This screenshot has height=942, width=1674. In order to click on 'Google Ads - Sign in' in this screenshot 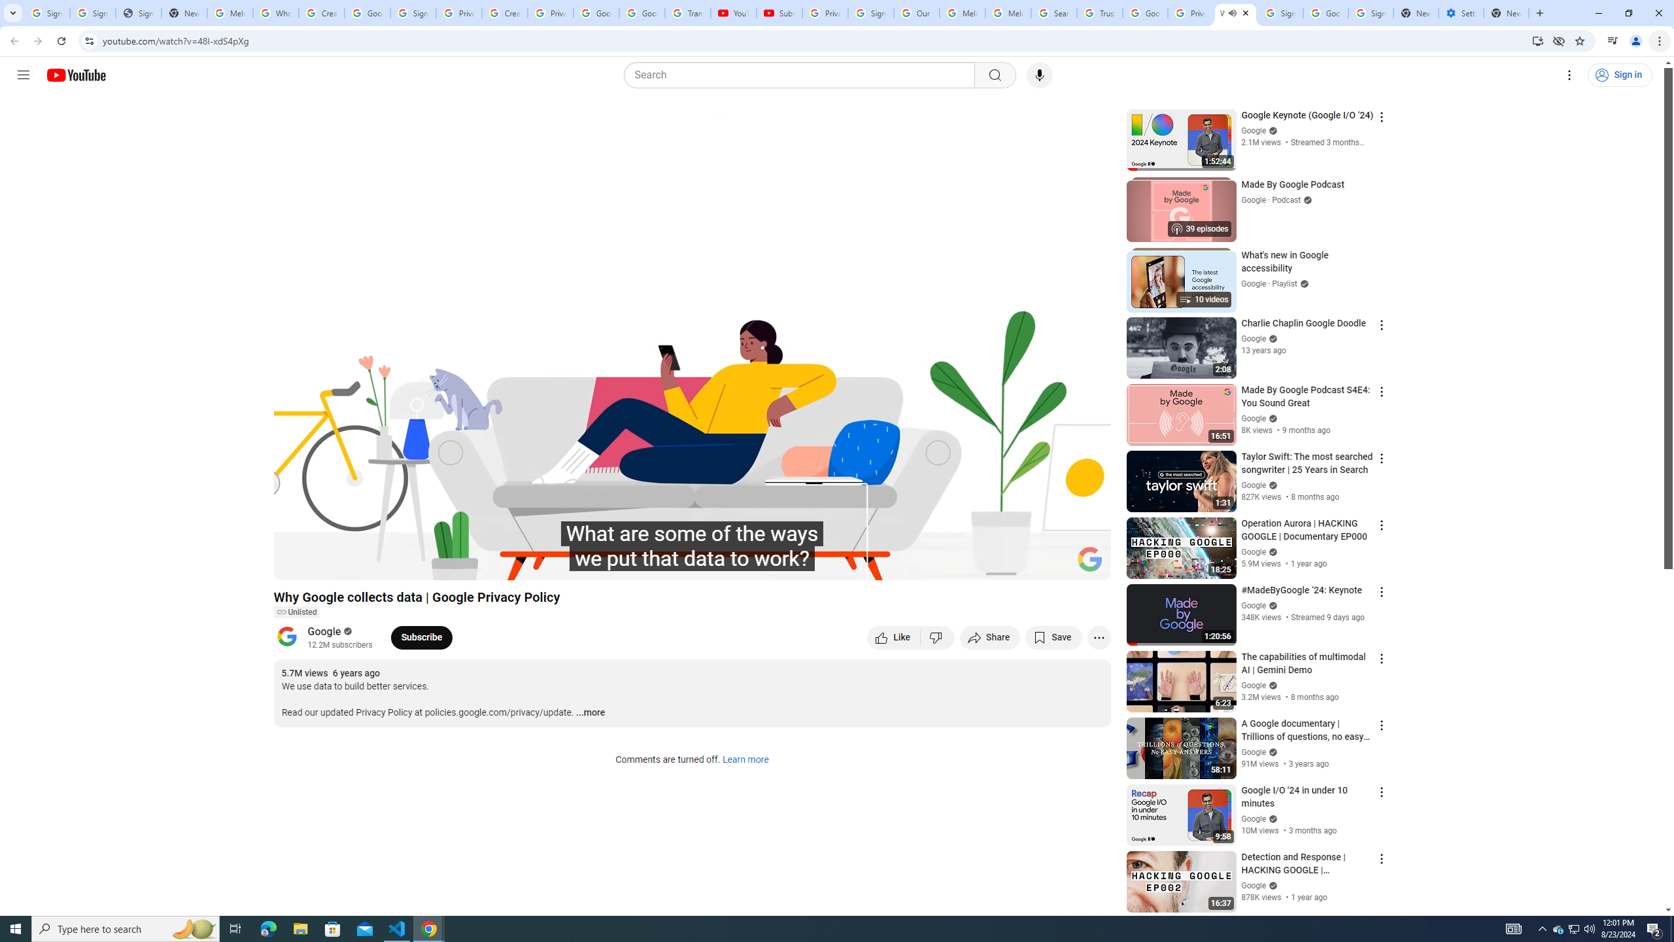, I will do `click(1144, 12)`.